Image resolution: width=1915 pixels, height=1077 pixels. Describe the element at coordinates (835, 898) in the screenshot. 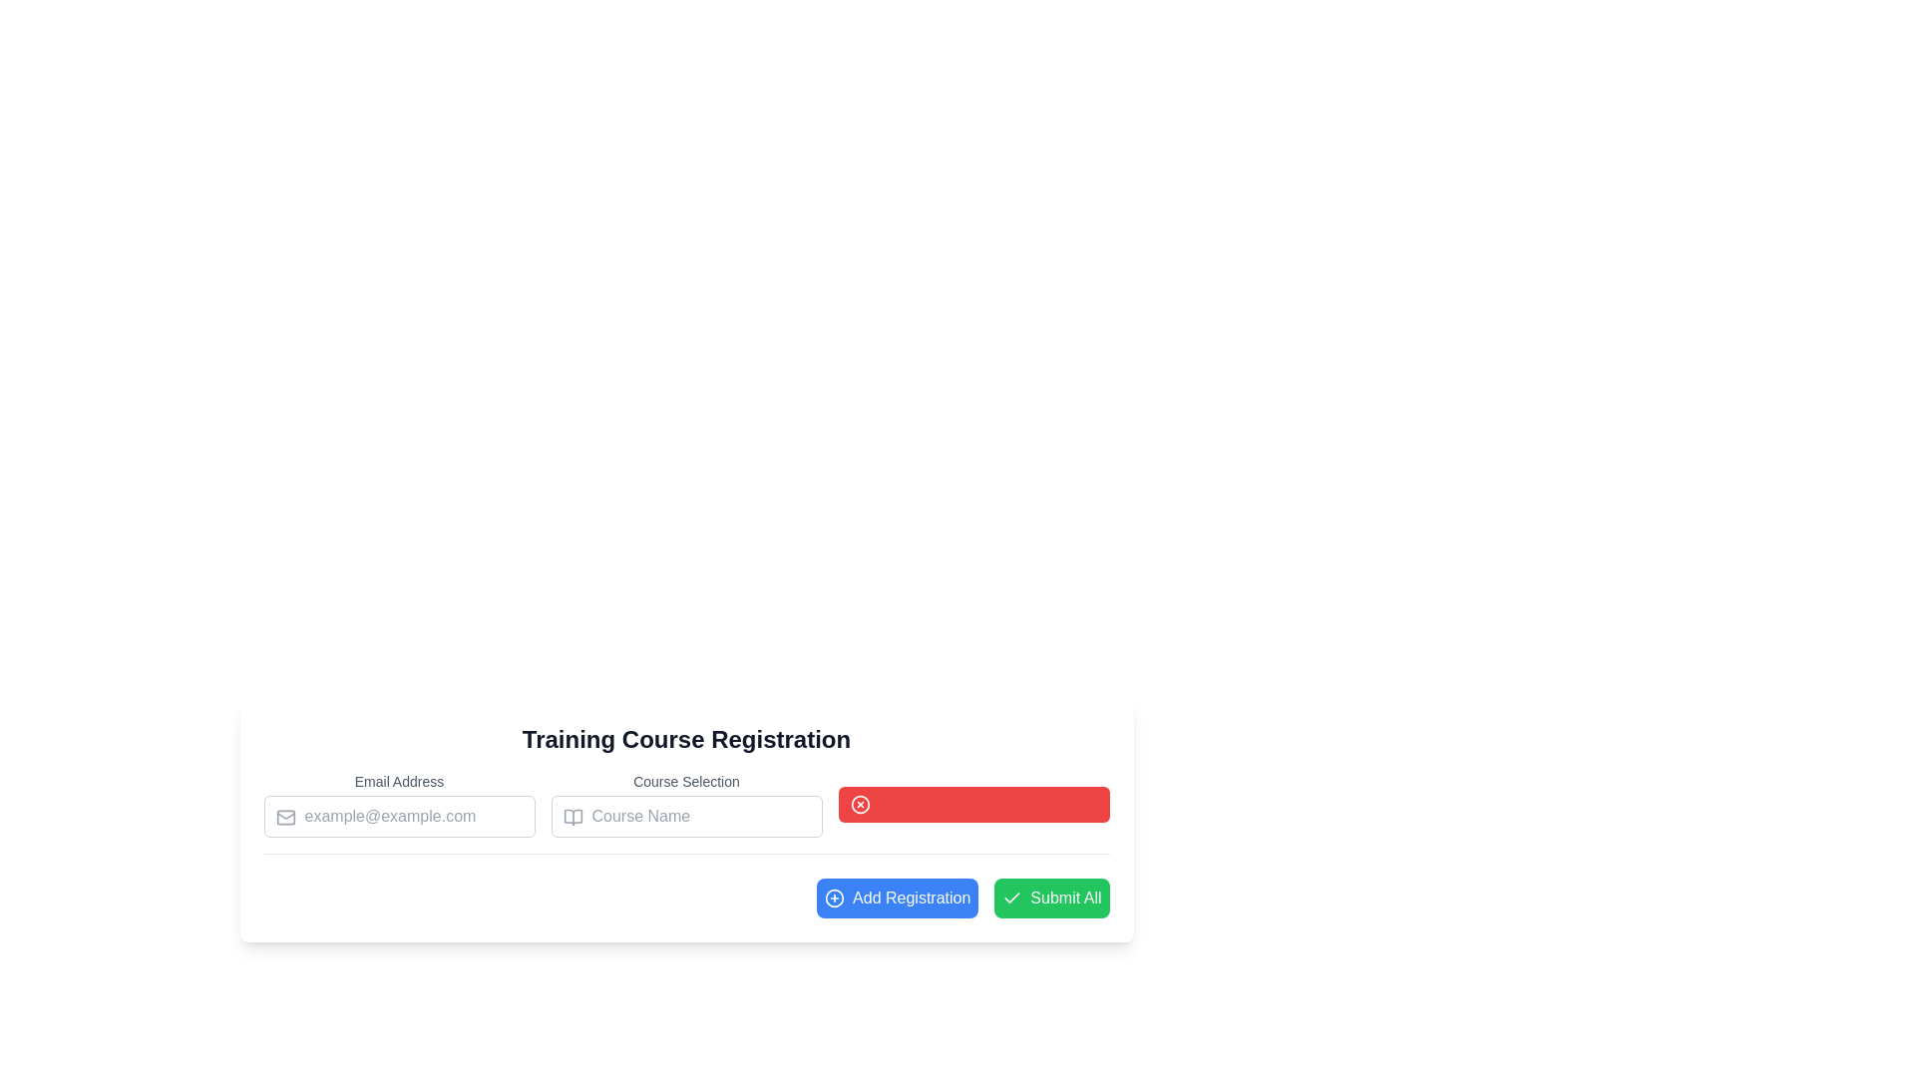

I see `the blue circular part of the plus icon in the 'Add Registration' button, which is located to the left of the text label 'Add Registration'` at that location.